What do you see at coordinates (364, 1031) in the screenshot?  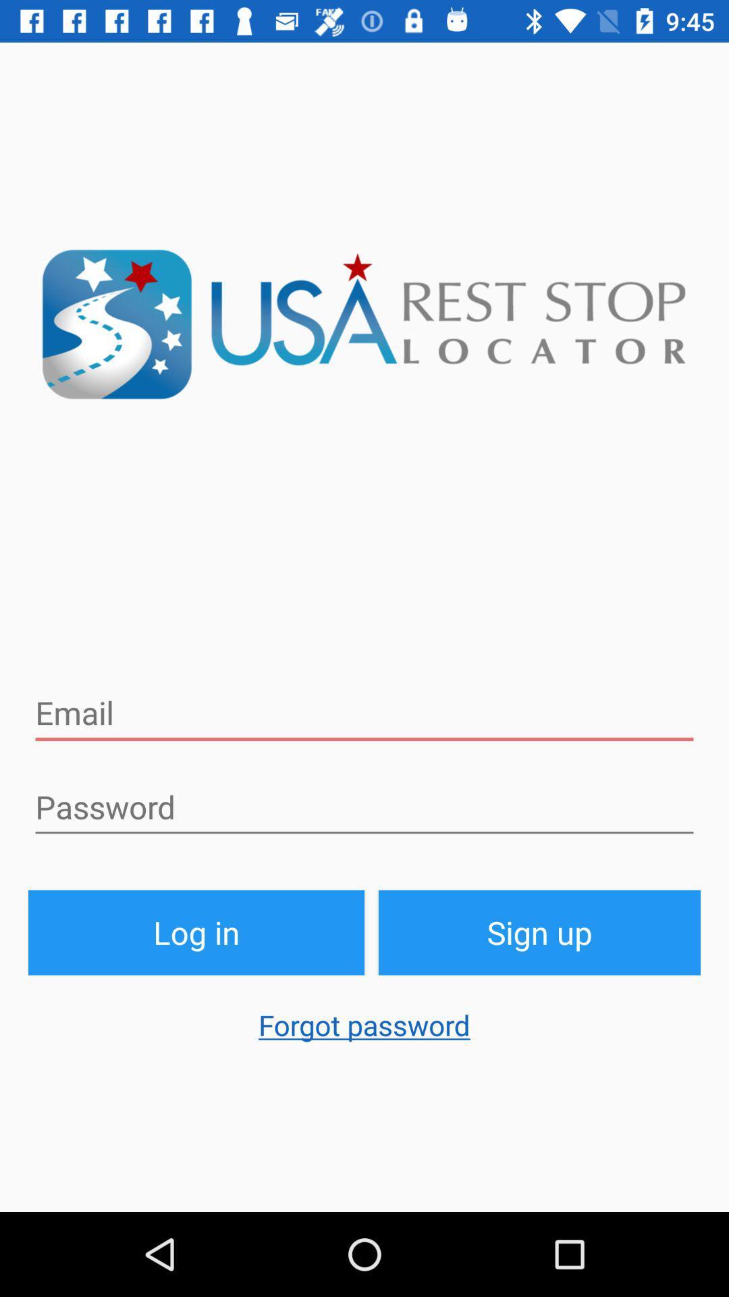 I see `the forgot password icon` at bounding box center [364, 1031].